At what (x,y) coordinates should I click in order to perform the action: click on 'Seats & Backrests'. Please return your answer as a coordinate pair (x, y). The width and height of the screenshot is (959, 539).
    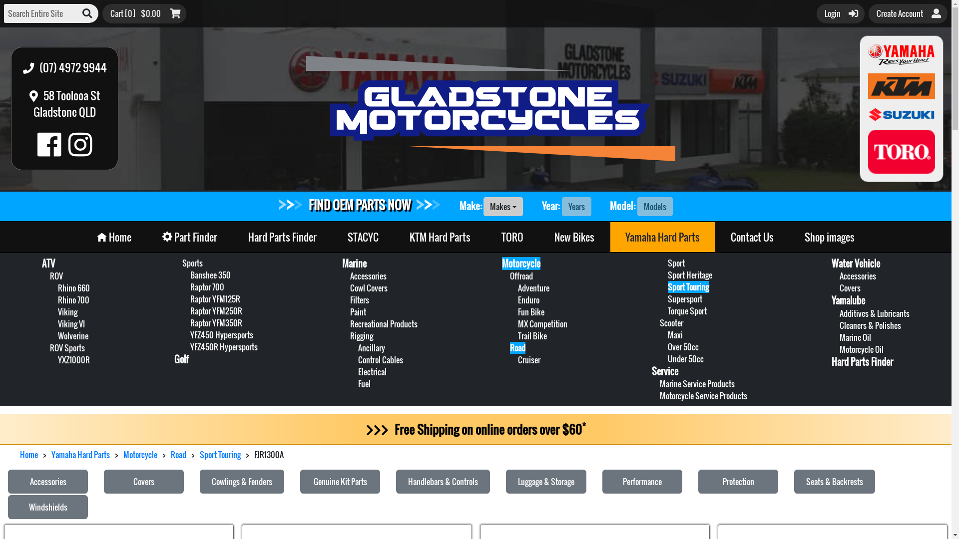
    Looking at the image, I should click on (793, 481).